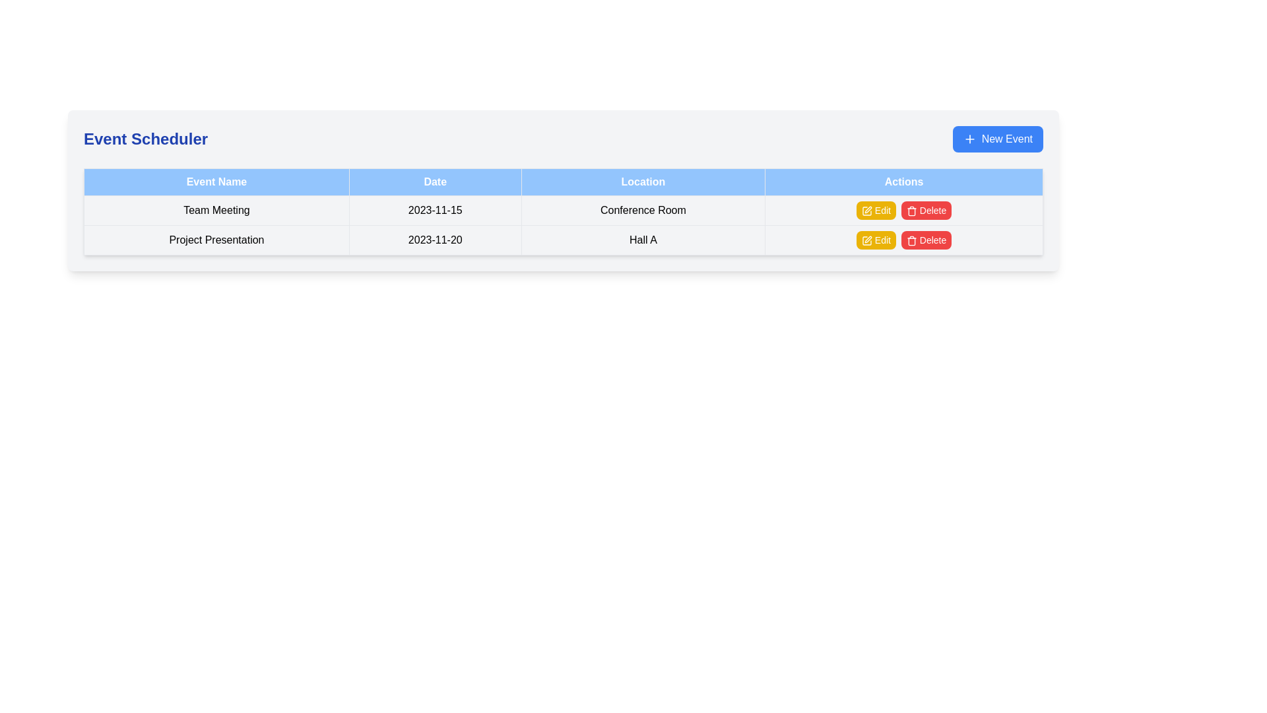  Describe the element at coordinates (435, 240) in the screenshot. I see `the text label displaying '2023-11-20' in the 'Date' column of the events table, which corresponds to the date of the 'Project Presentation' event` at that location.